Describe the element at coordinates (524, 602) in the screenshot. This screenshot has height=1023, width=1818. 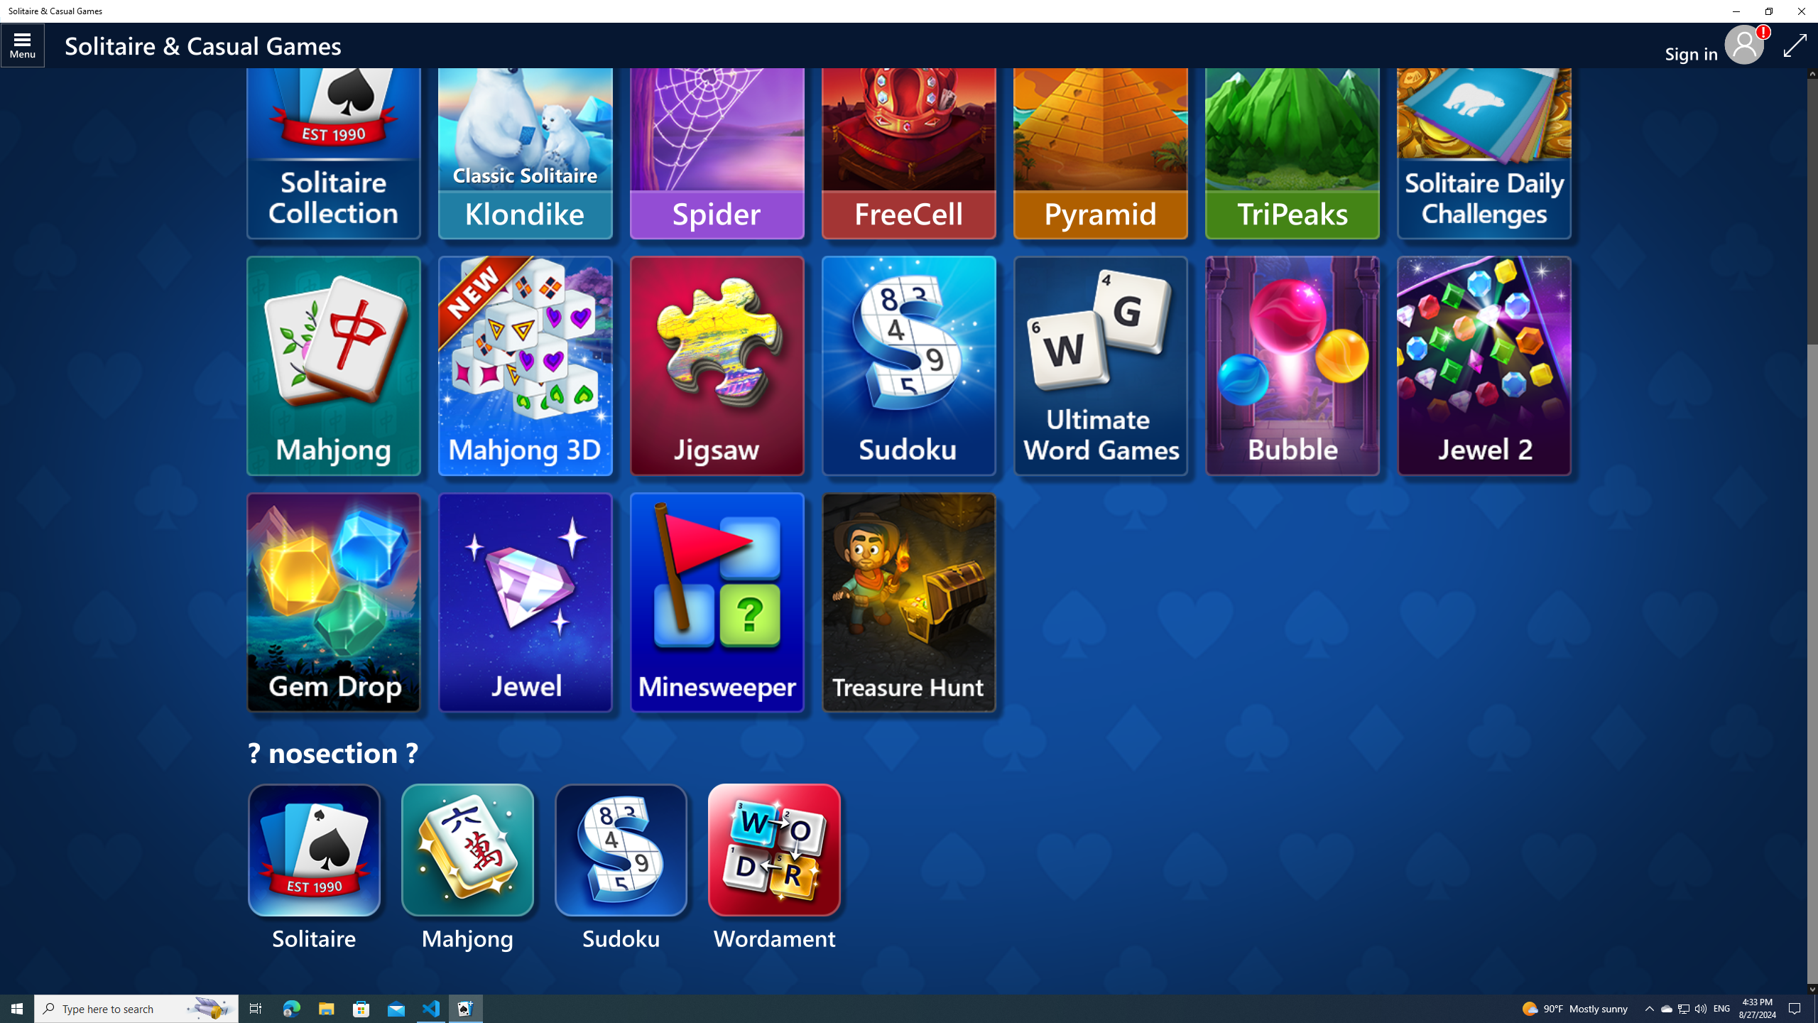
I see `'Microsoft Jewel'` at that location.